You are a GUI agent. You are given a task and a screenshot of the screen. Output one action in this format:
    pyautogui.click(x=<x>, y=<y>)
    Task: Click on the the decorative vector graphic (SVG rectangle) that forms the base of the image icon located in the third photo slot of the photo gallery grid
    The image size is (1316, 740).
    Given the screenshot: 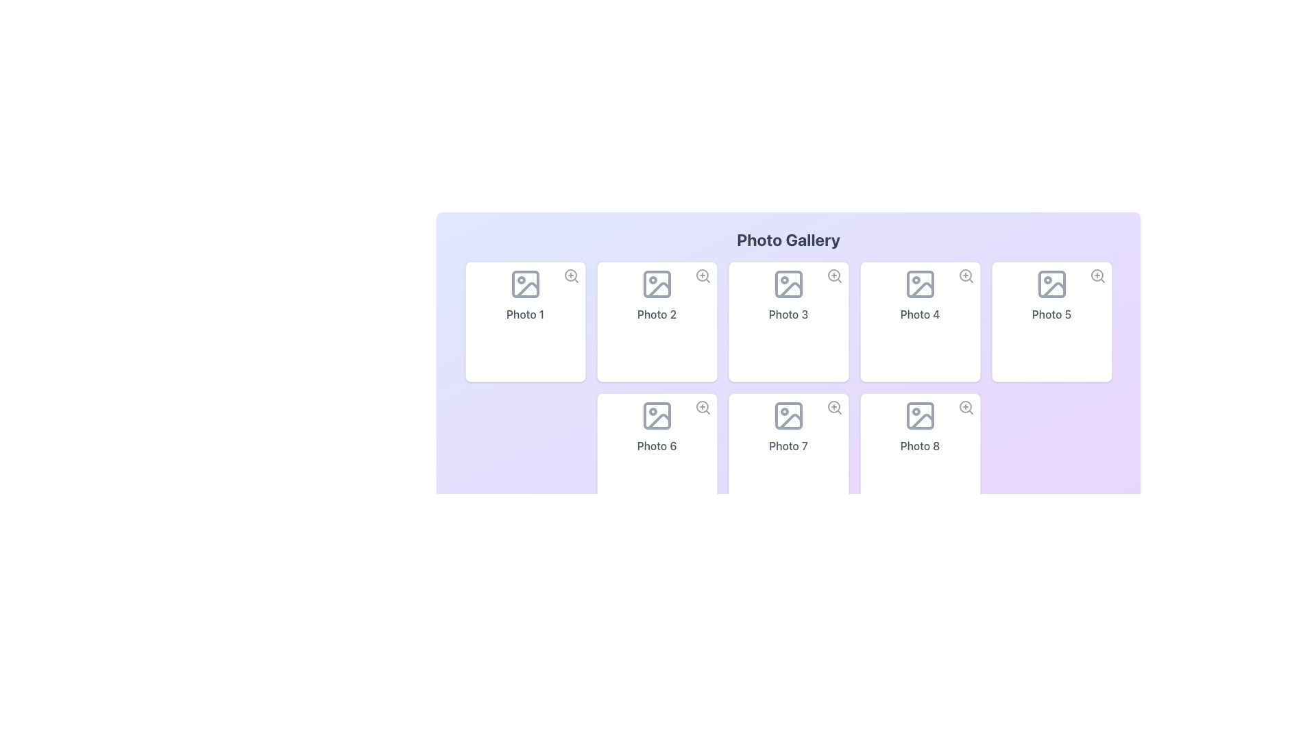 What is the action you would take?
    pyautogui.click(x=788, y=284)
    